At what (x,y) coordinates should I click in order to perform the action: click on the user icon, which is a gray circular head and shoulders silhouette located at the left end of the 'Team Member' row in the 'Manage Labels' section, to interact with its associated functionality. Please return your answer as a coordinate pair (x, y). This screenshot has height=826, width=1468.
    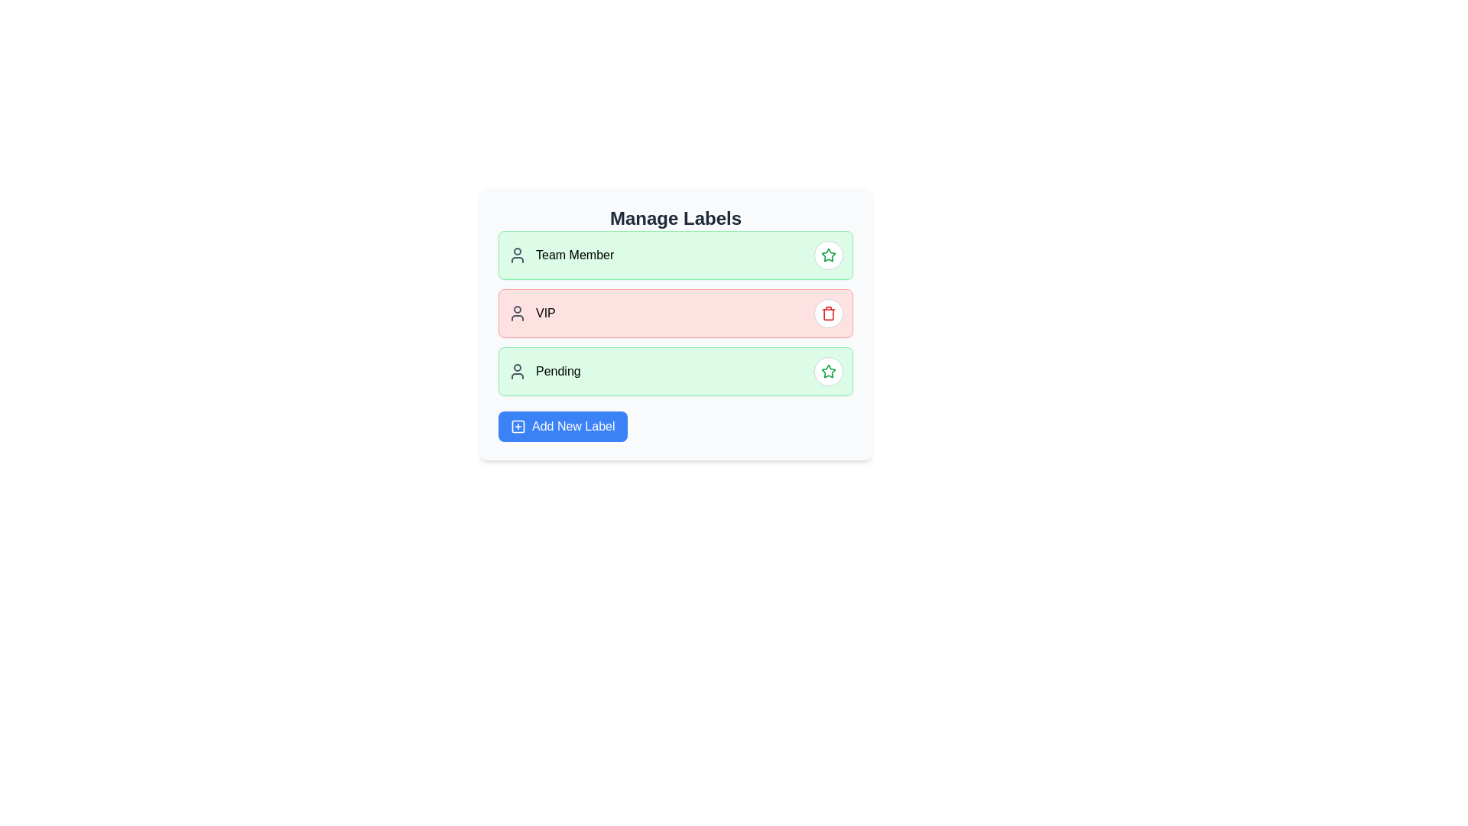
    Looking at the image, I should click on (517, 255).